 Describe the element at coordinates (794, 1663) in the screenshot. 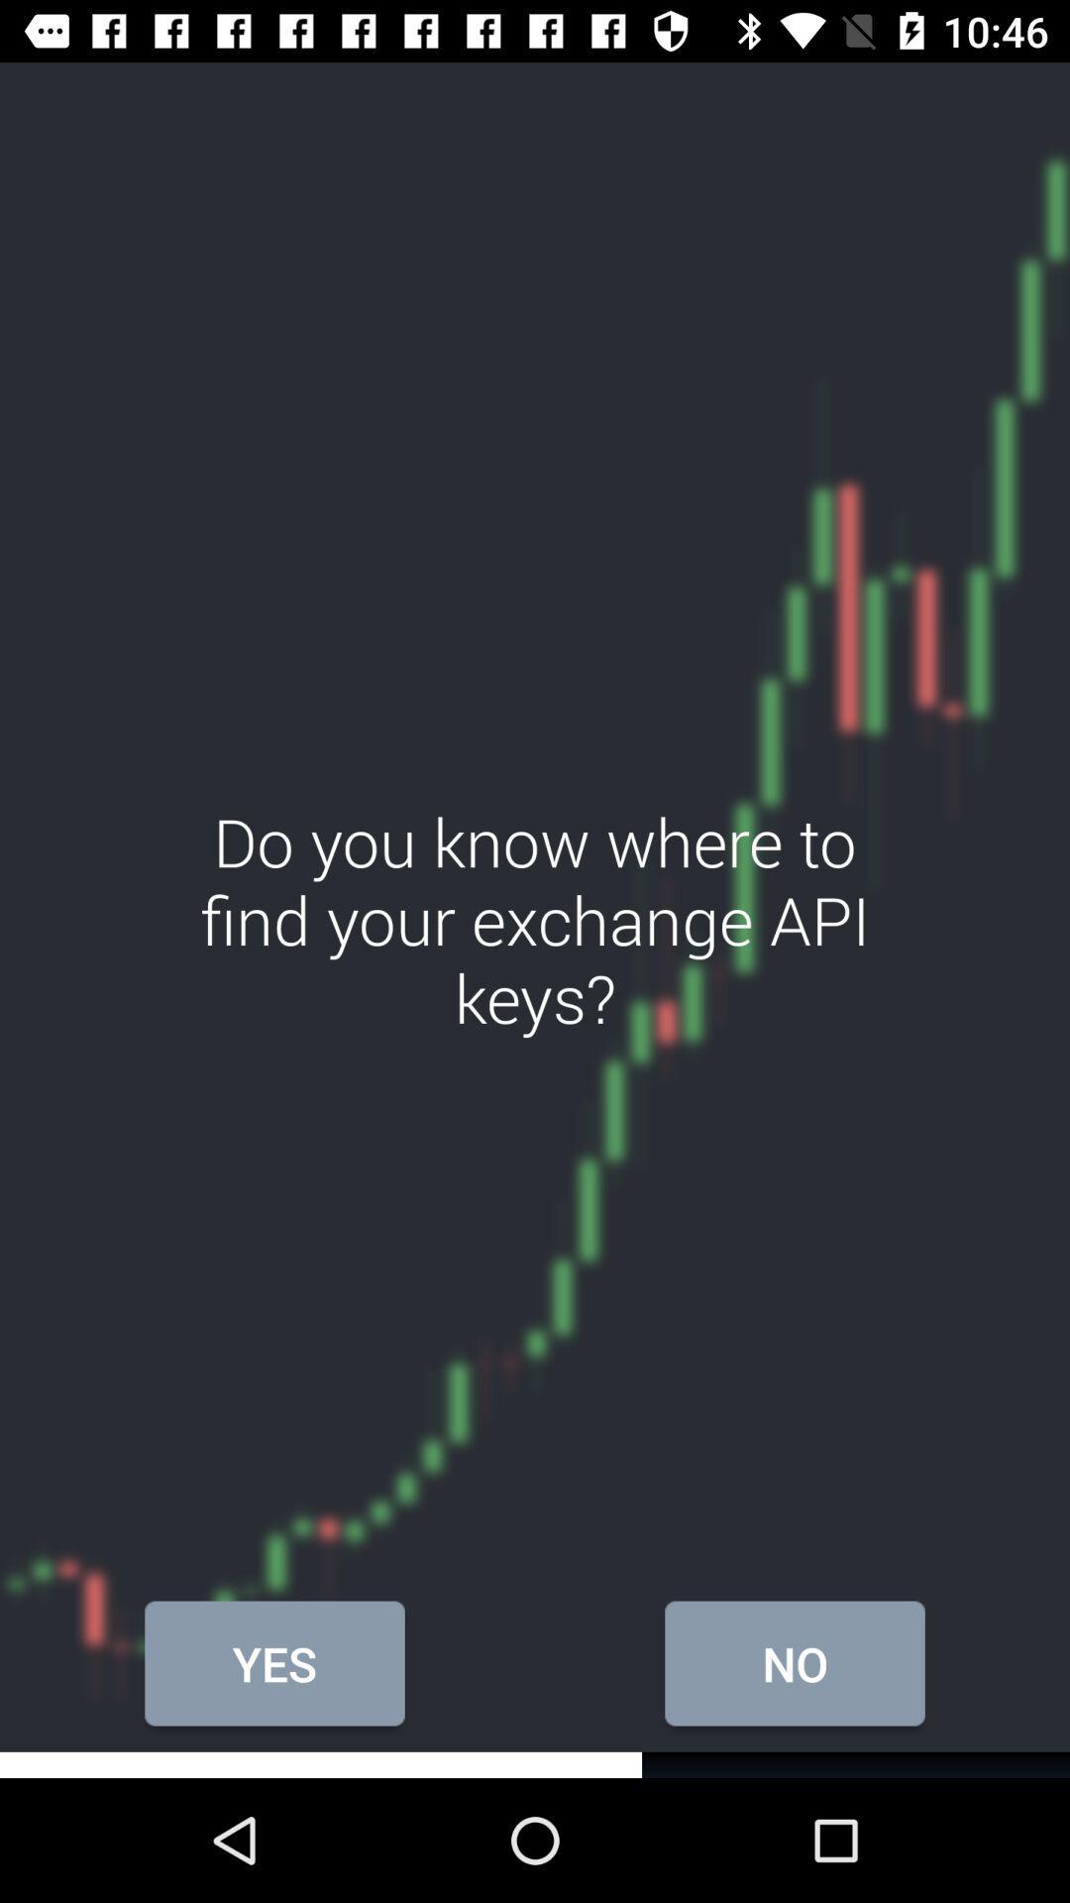

I see `the item at the bottom right corner` at that location.